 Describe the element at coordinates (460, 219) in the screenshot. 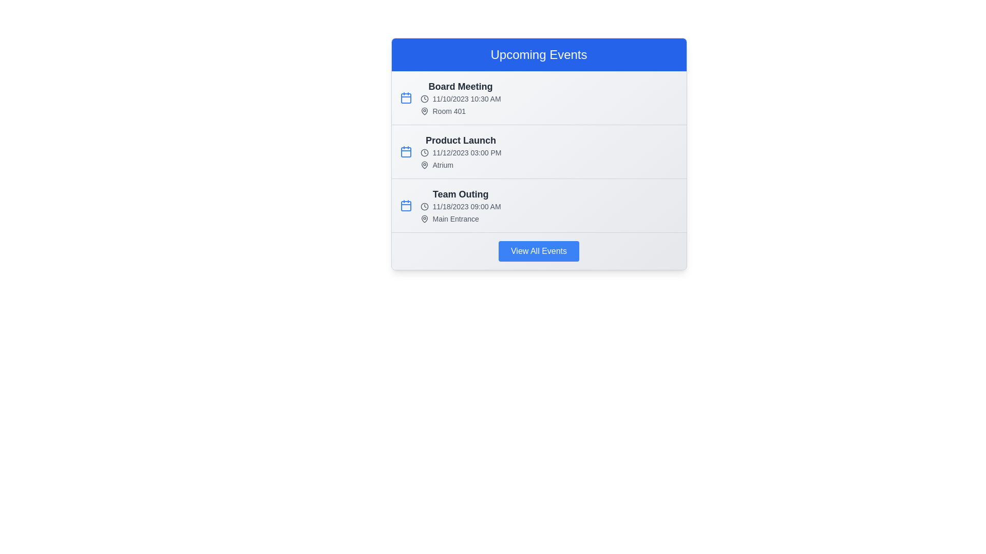

I see `the pin icon to the left of the 'Main Entrance' text label located at the bottom of the 'Team Outing' event card for further interaction possibilities` at that location.